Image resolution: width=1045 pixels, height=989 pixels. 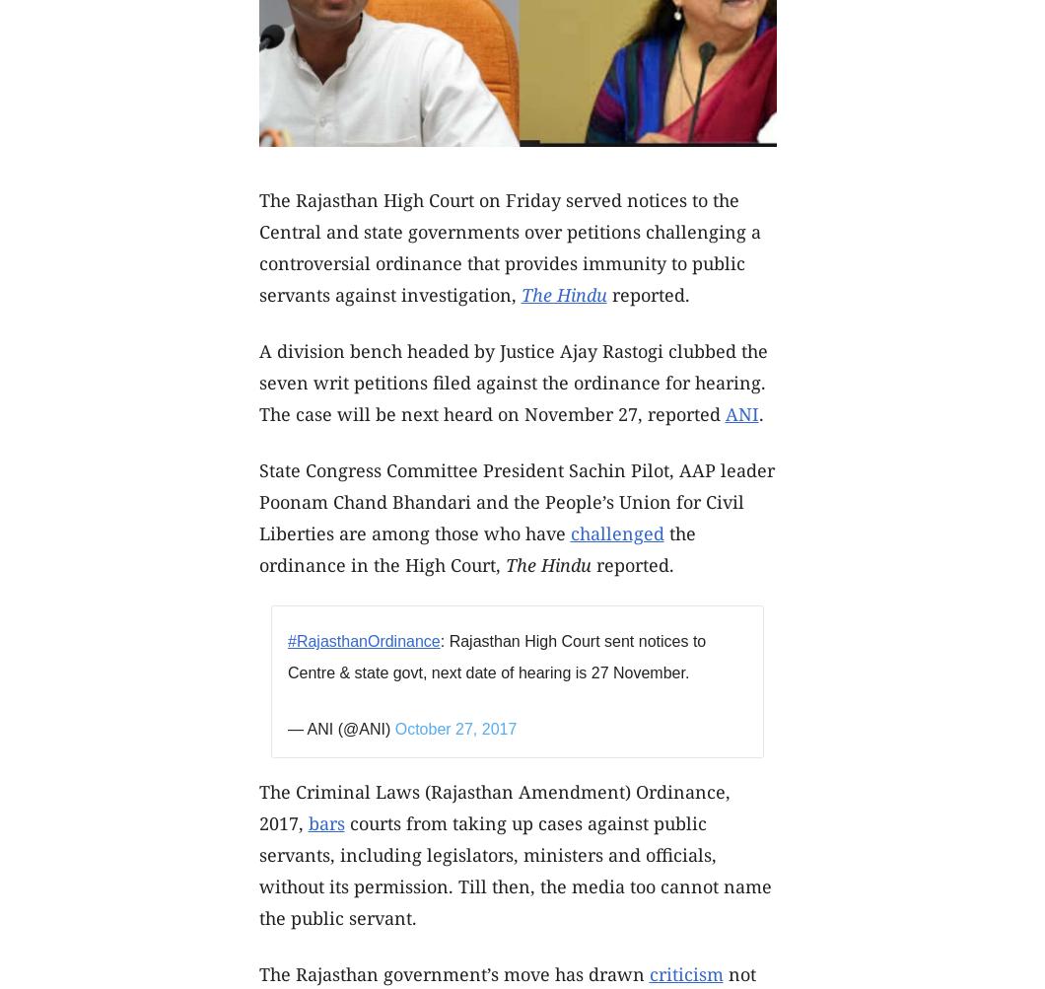 What do you see at coordinates (453, 971) in the screenshot?
I see `'The Rajasthan government’s move has drawn'` at bounding box center [453, 971].